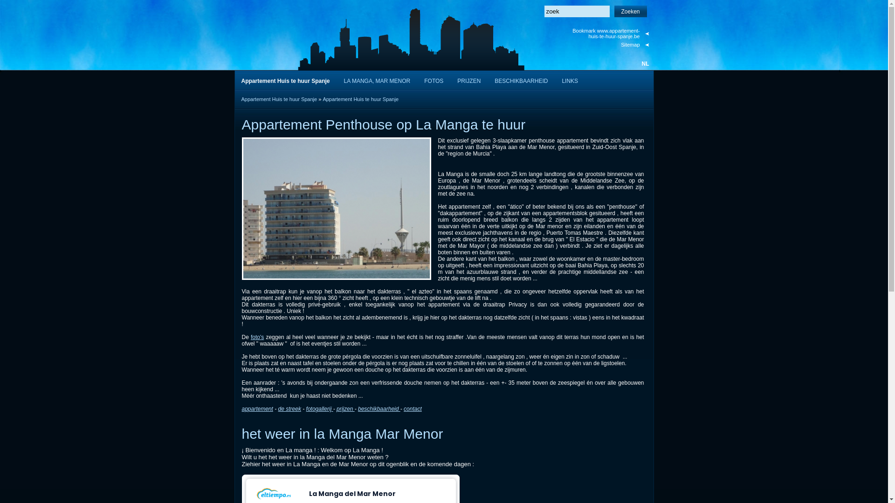 This screenshot has width=895, height=503. Describe the element at coordinates (469, 80) in the screenshot. I see `'PRIJZEN'` at that location.